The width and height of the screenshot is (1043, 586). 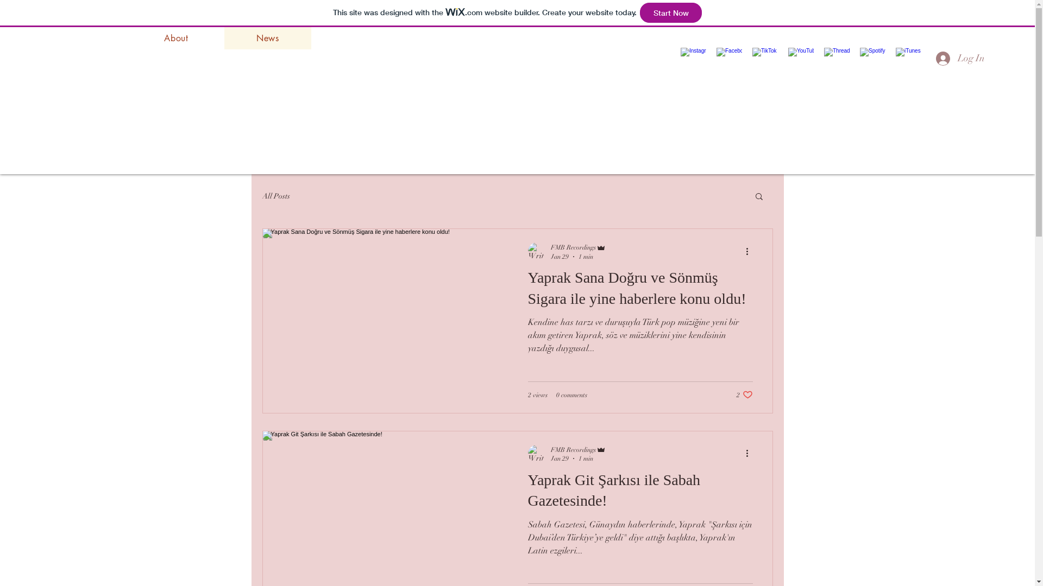 What do you see at coordinates (275, 195) in the screenshot?
I see `'All Posts'` at bounding box center [275, 195].